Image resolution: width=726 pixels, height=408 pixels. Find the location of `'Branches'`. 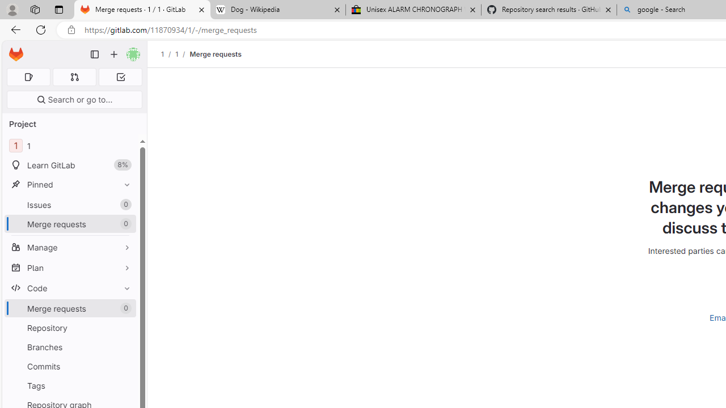

'Branches' is located at coordinates (70, 346).